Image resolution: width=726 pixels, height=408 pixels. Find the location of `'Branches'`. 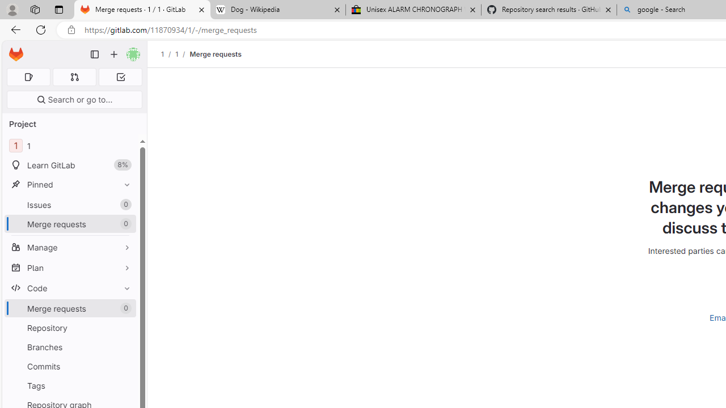

'Branches' is located at coordinates (70, 346).